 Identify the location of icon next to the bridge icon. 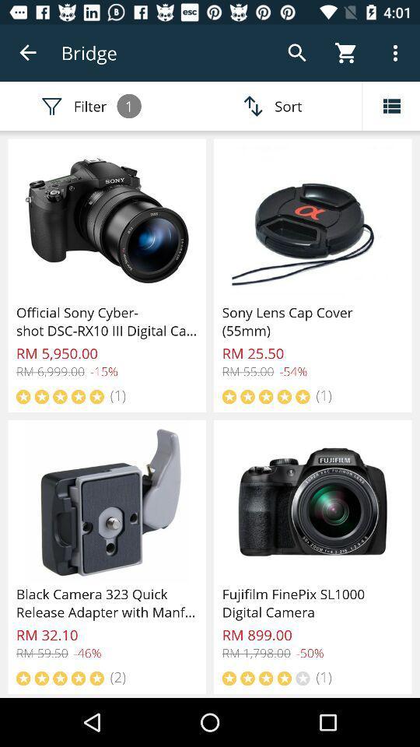
(28, 53).